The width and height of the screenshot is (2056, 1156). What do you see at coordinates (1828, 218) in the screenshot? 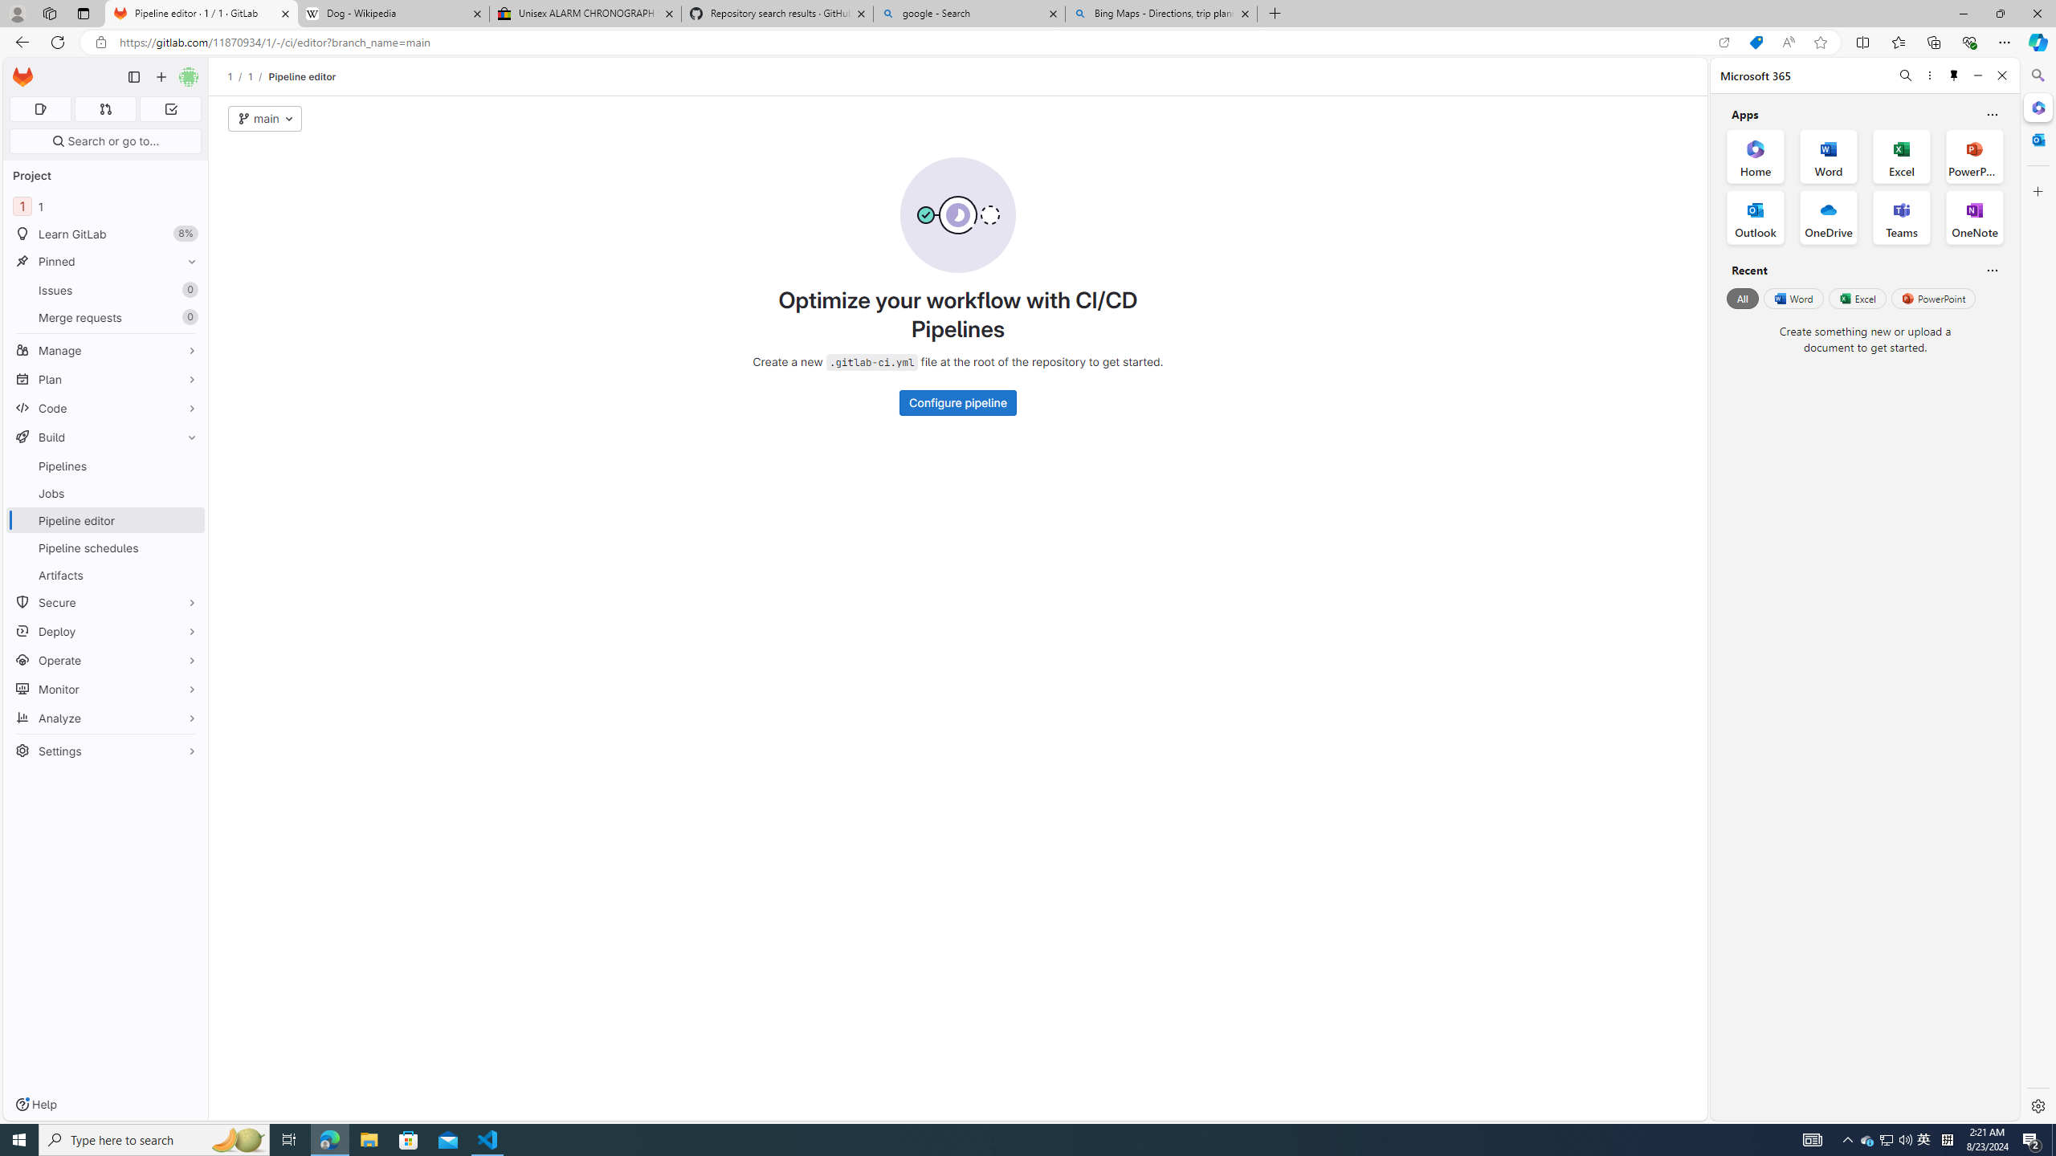
I see `'OneDrive Office App'` at bounding box center [1828, 218].